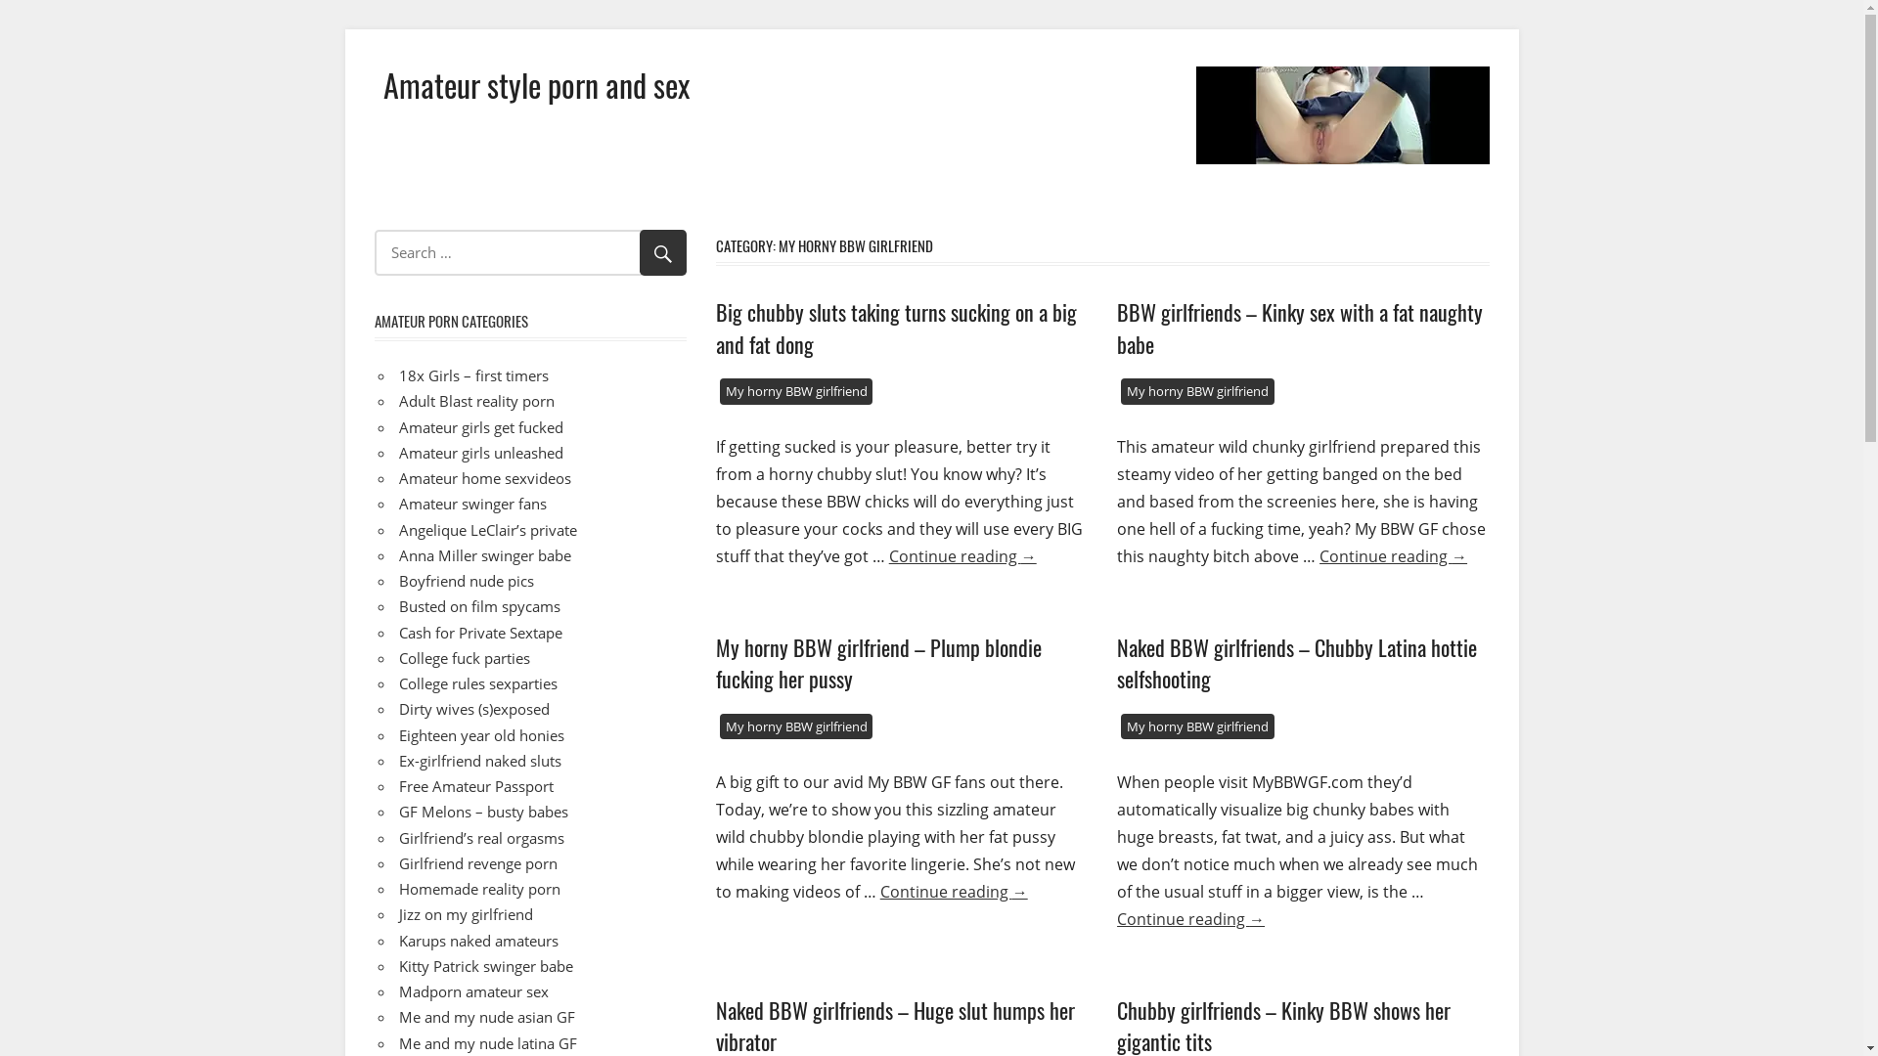 This screenshot has height=1056, width=1878. I want to click on 'Busted on film spycams', so click(479, 605).